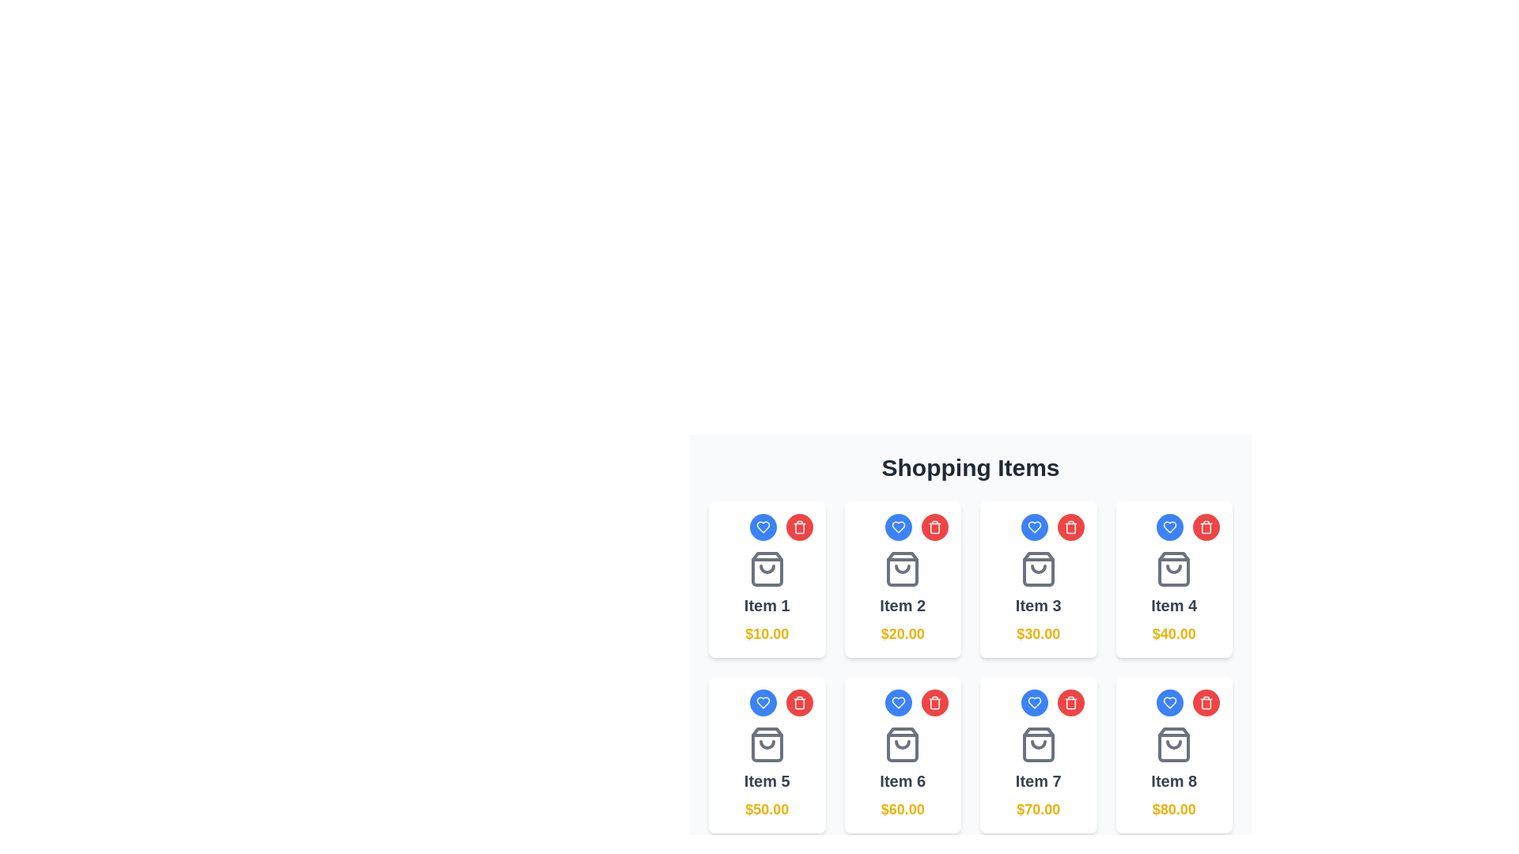 This screenshot has height=854, width=1519. I want to click on the text block displaying 'Item 6' with the price '$60.00' in bold yellow, located in the second row, third column of the shopping items grid, so click(903, 773).